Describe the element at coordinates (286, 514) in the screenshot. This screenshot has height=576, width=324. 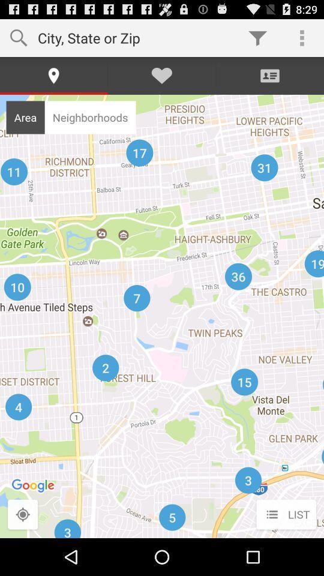
I see `list item` at that location.